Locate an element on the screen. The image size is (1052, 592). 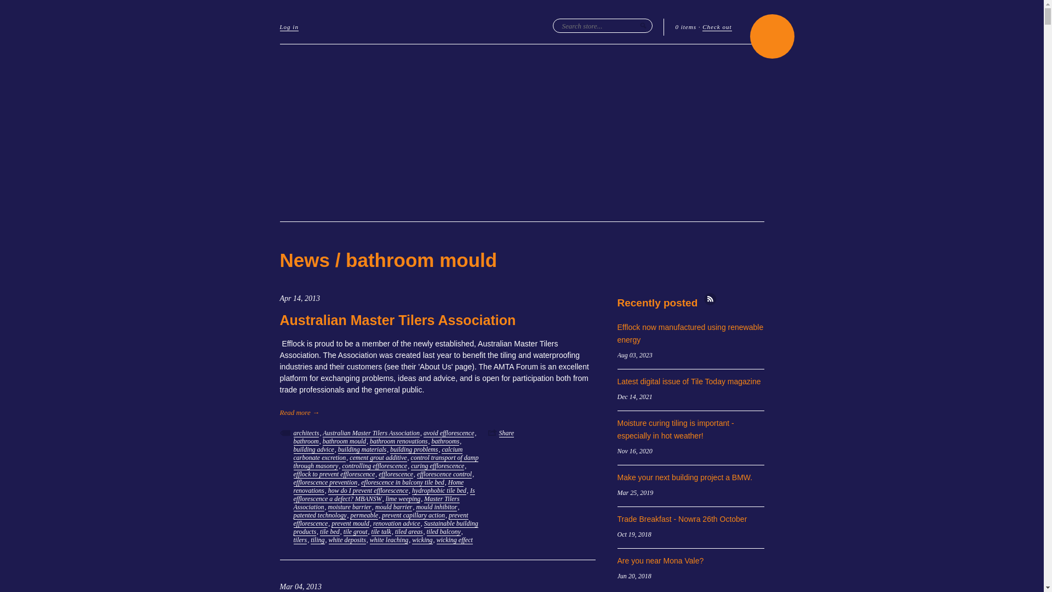
'patented technology' is located at coordinates (319, 515).